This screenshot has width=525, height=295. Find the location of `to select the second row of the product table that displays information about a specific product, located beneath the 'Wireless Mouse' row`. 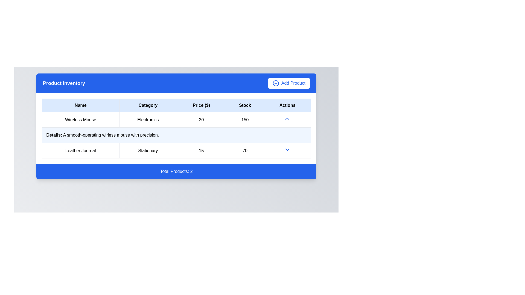

to select the second row of the product table that displays information about a specific product, located beneath the 'Wireless Mouse' row is located at coordinates (176, 151).